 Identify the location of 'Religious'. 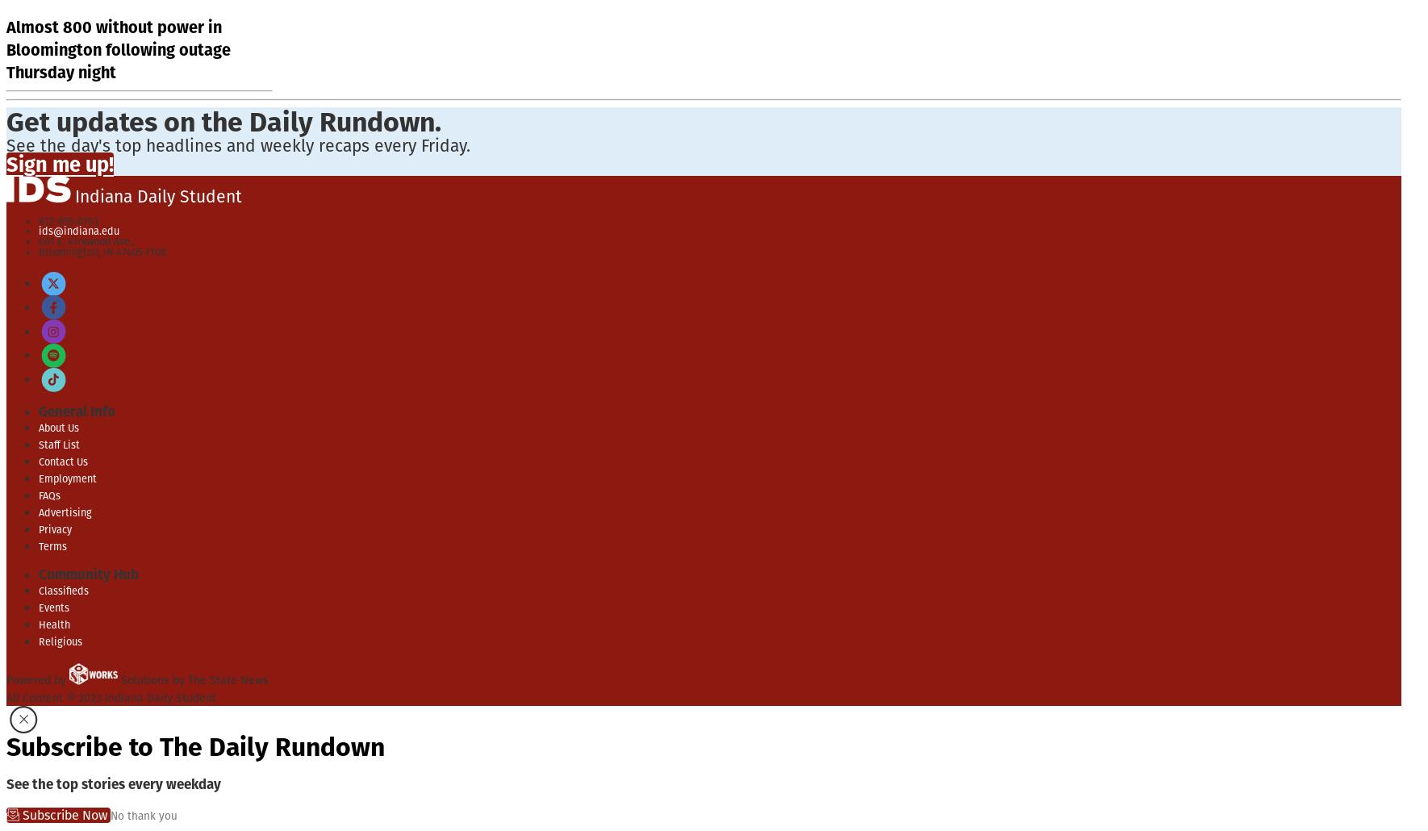
(60, 641).